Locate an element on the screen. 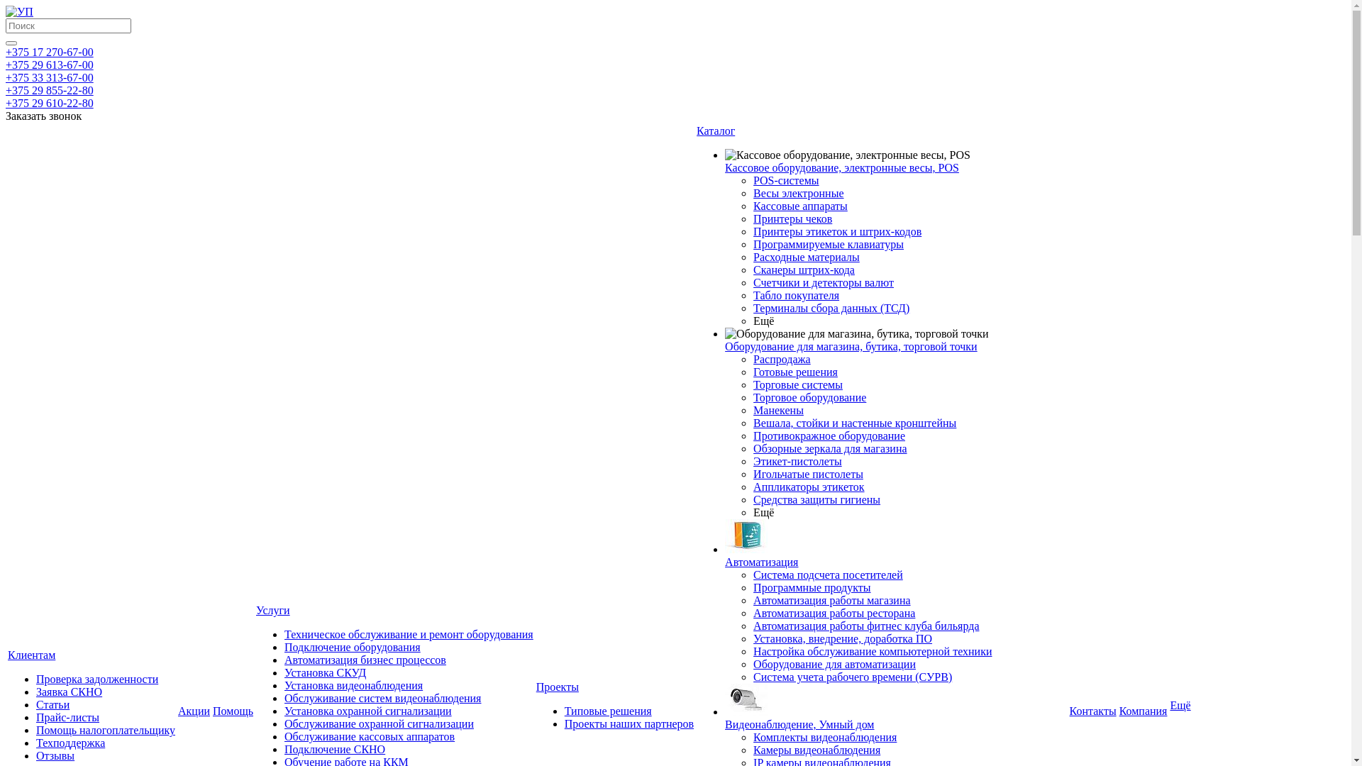 The height and width of the screenshot is (766, 1362). '+375 29 610-22-80' is located at coordinates (6, 102).